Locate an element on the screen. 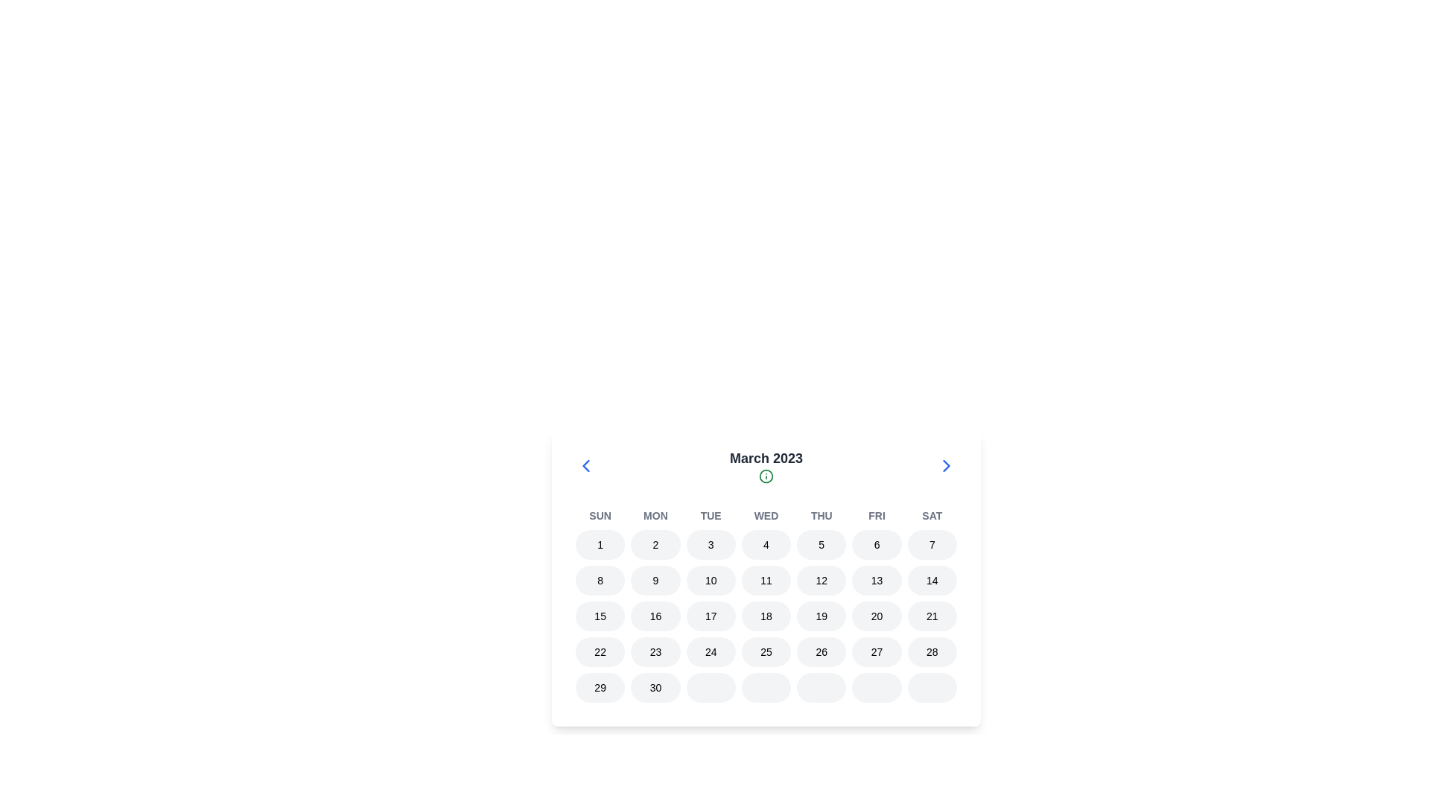 The width and height of the screenshot is (1430, 804). the selectable day '29' on the calendar interface is located at coordinates (600, 688).